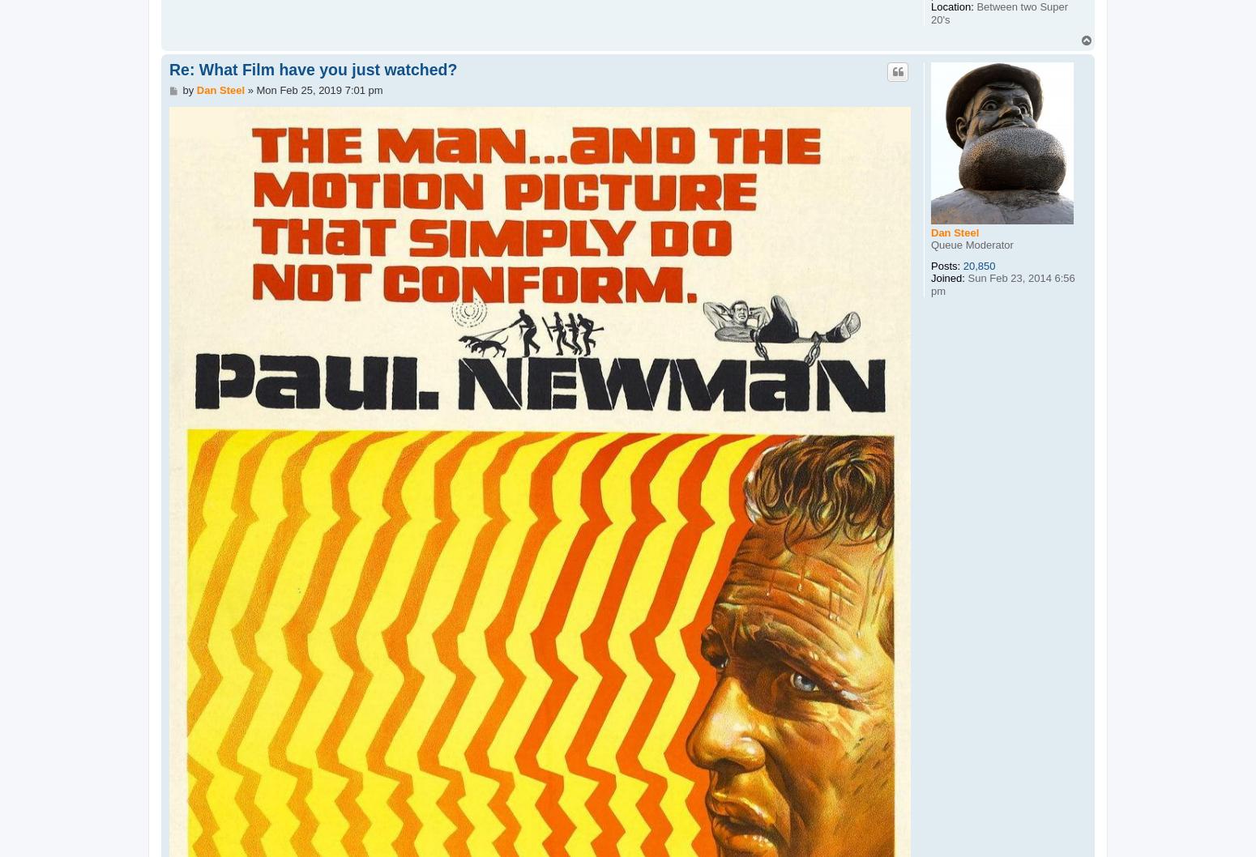 The width and height of the screenshot is (1256, 857). Describe the element at coordinates (972, 244) in the screenshot. I see `'Queue Moderator'` at that location.